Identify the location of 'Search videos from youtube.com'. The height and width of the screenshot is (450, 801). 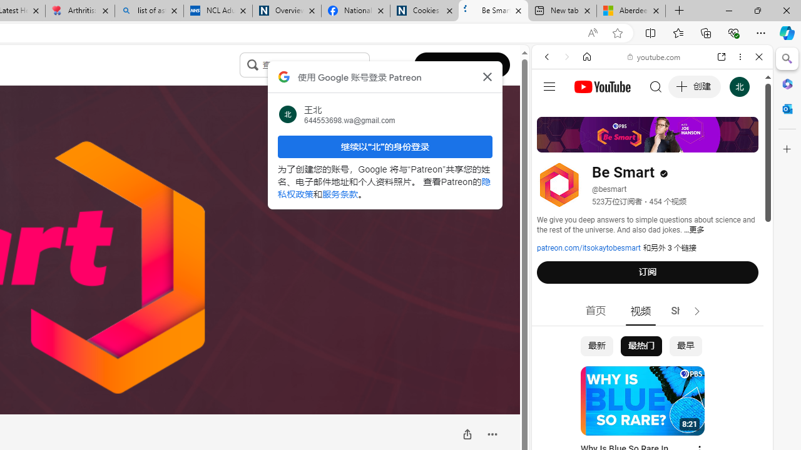
(630, 411).